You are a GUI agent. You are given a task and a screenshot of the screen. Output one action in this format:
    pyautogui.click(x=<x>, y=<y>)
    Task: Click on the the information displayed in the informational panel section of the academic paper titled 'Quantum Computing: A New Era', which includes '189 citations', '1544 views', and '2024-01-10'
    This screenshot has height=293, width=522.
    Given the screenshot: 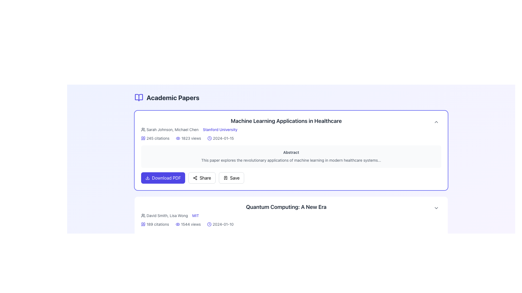 What is the action you would take?
    pyautogui.click(x=291, y=224)
    